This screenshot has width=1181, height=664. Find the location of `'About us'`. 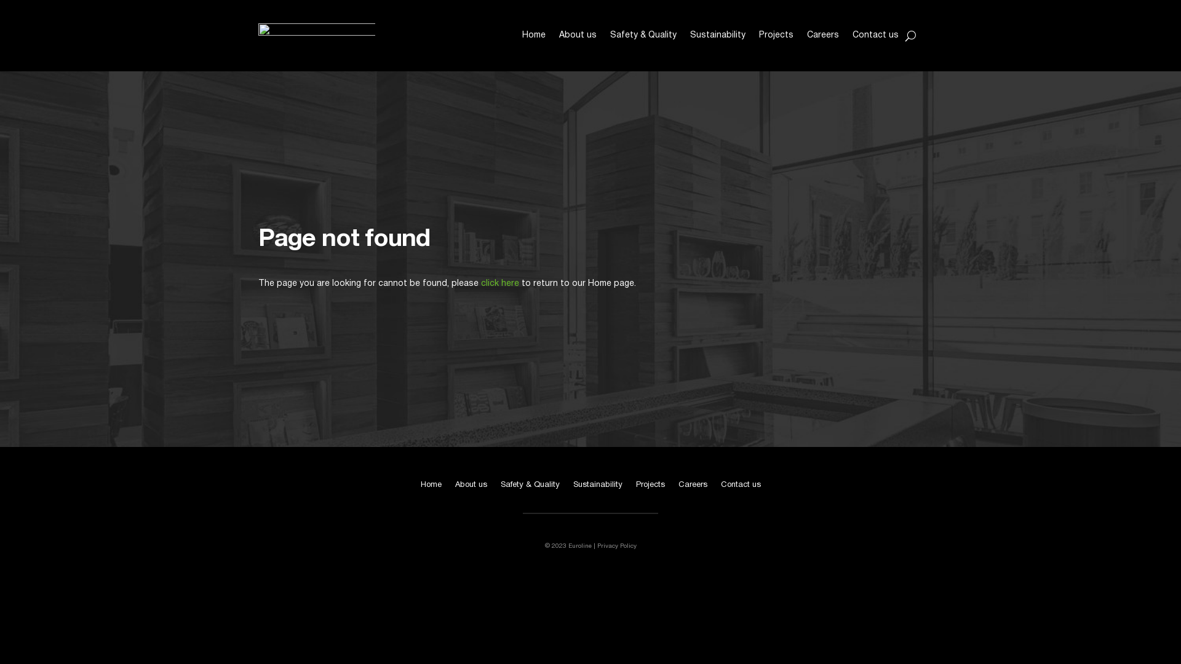

'About us' is located at coordinates (471, 487).